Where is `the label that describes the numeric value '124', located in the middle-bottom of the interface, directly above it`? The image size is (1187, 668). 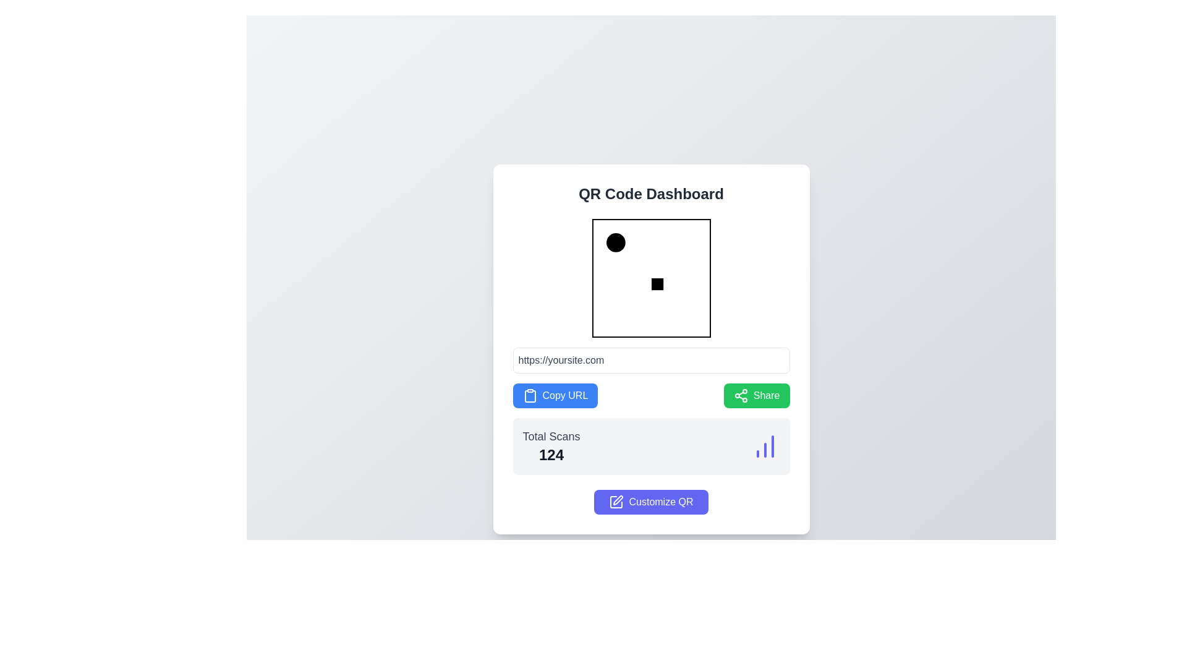 the label that describes the numeric value '124', located in the middle-bottom of the interface, directly above it is located at coordinates (551, 435).